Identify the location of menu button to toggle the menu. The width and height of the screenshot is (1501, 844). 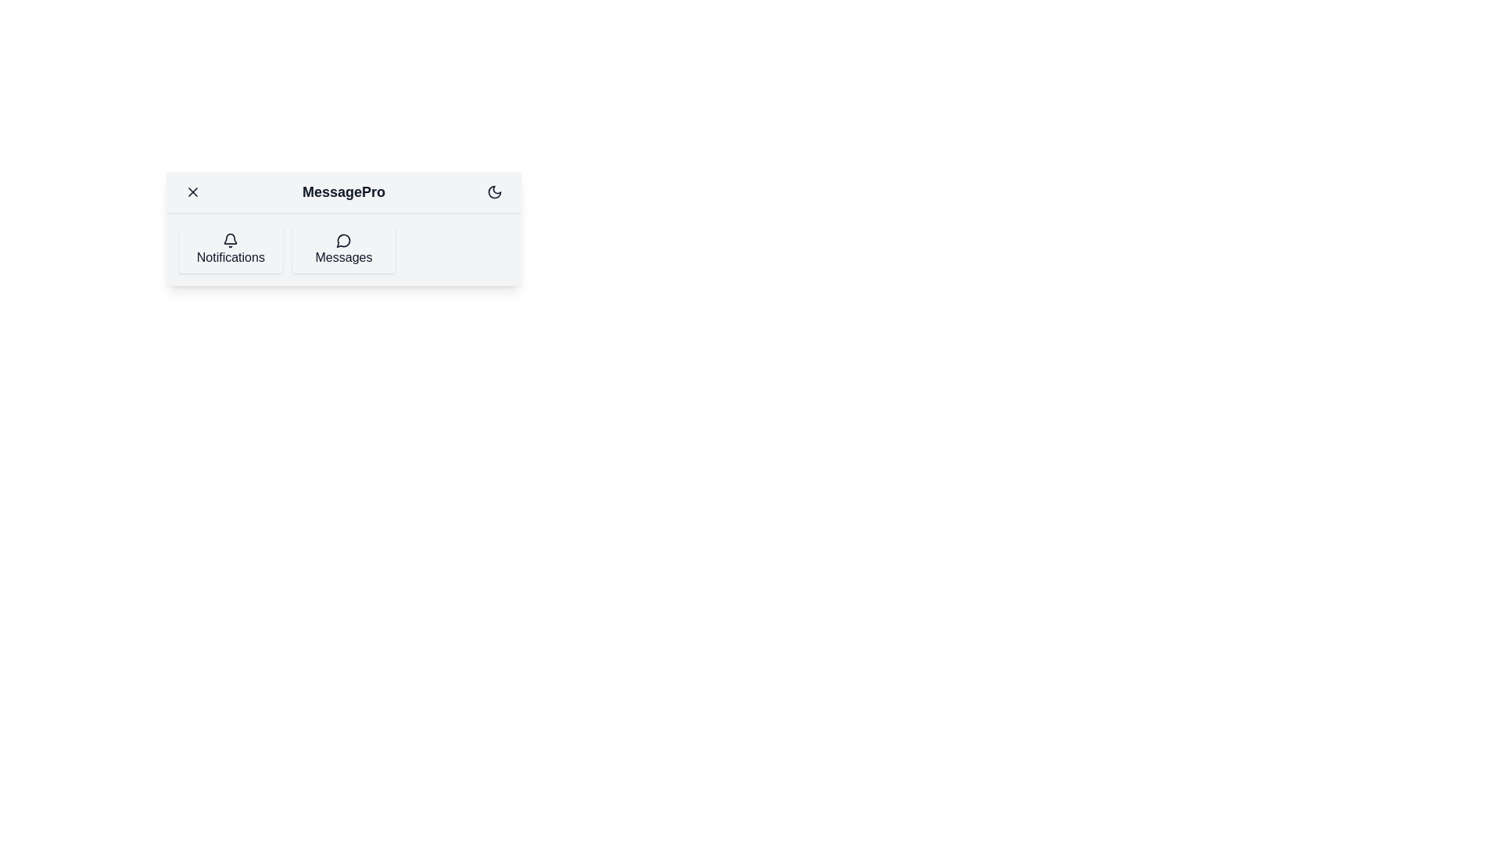
(192, 191).